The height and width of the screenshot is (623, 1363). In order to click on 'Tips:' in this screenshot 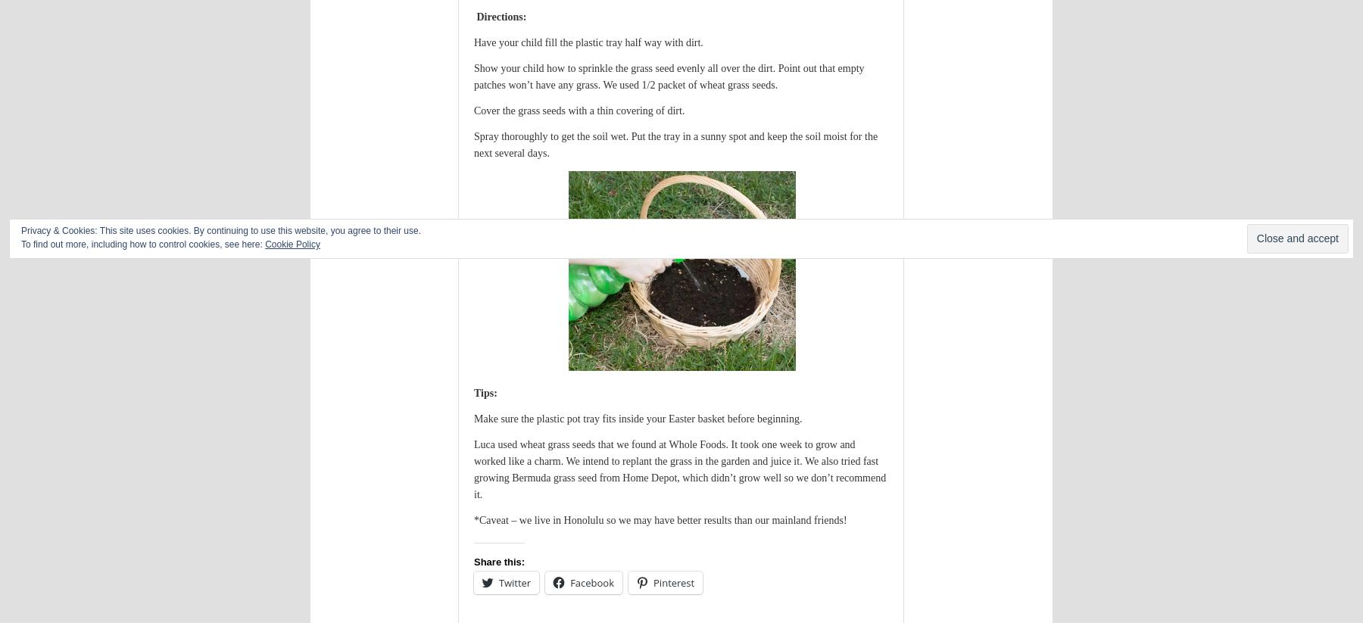, I will do `click(486, 393)`.